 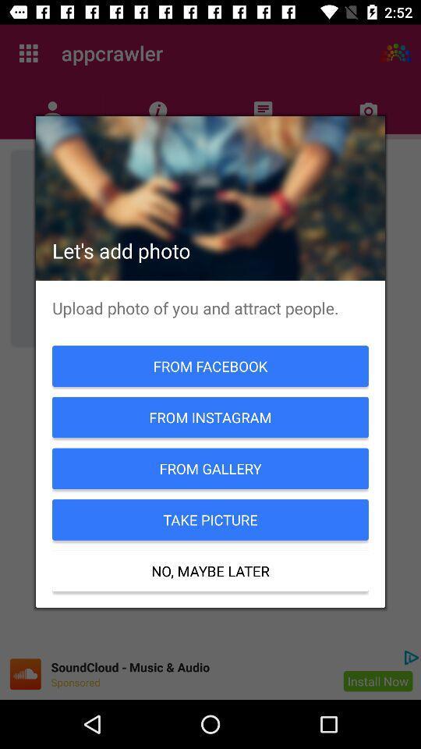 What do you see at coordinates (210, 570) in the screenshot?
I see `the icon below the take picture icon` at bounding box center [210, 570].